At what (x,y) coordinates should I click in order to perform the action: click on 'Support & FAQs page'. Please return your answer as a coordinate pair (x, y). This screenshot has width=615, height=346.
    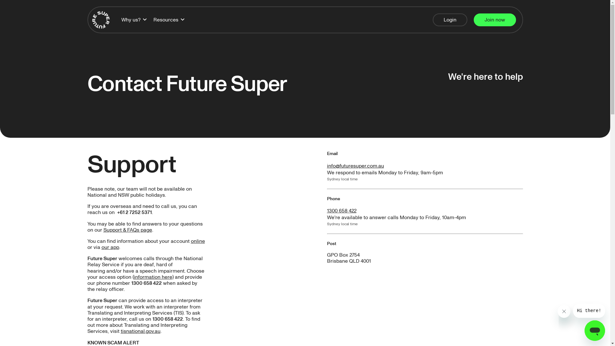
    Looking at the image, I should click on (127, 229).